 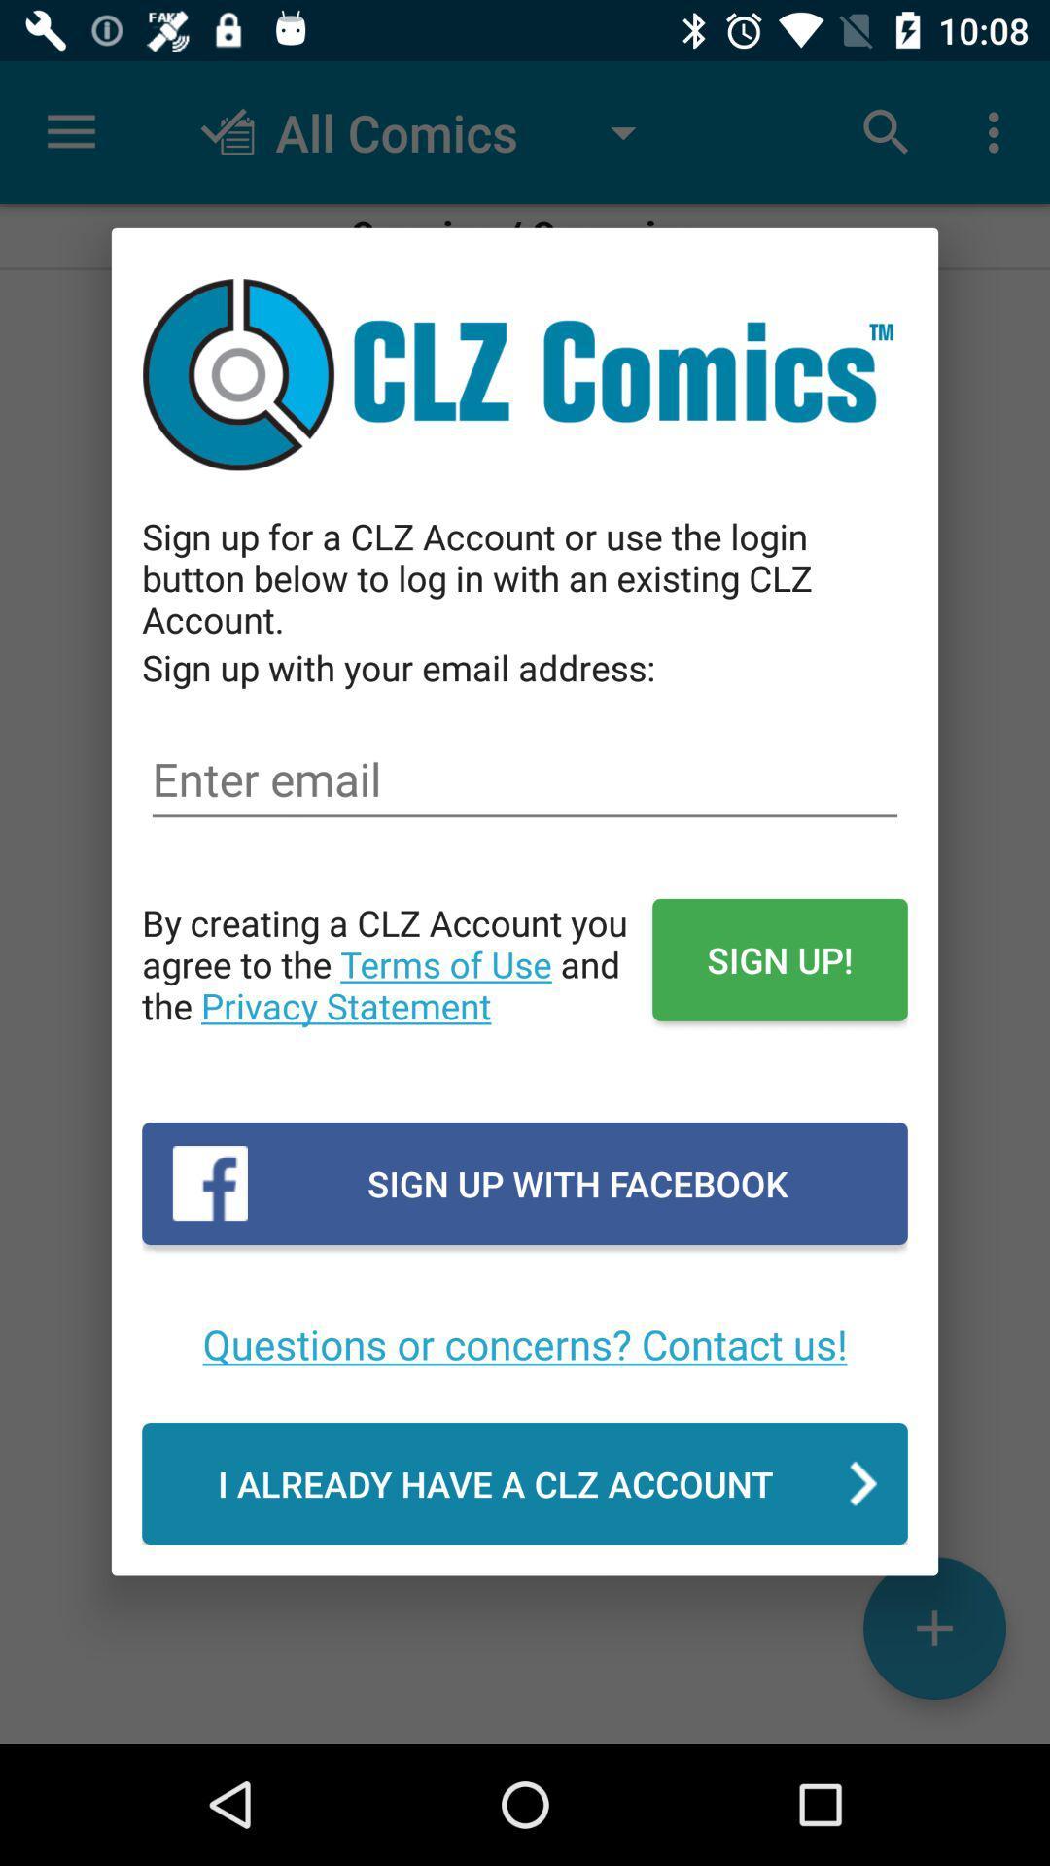 What do you see at coordinates (525, 1482) in the screenshot?
I see `the i already have icon` at bounding box center [525, 1482].